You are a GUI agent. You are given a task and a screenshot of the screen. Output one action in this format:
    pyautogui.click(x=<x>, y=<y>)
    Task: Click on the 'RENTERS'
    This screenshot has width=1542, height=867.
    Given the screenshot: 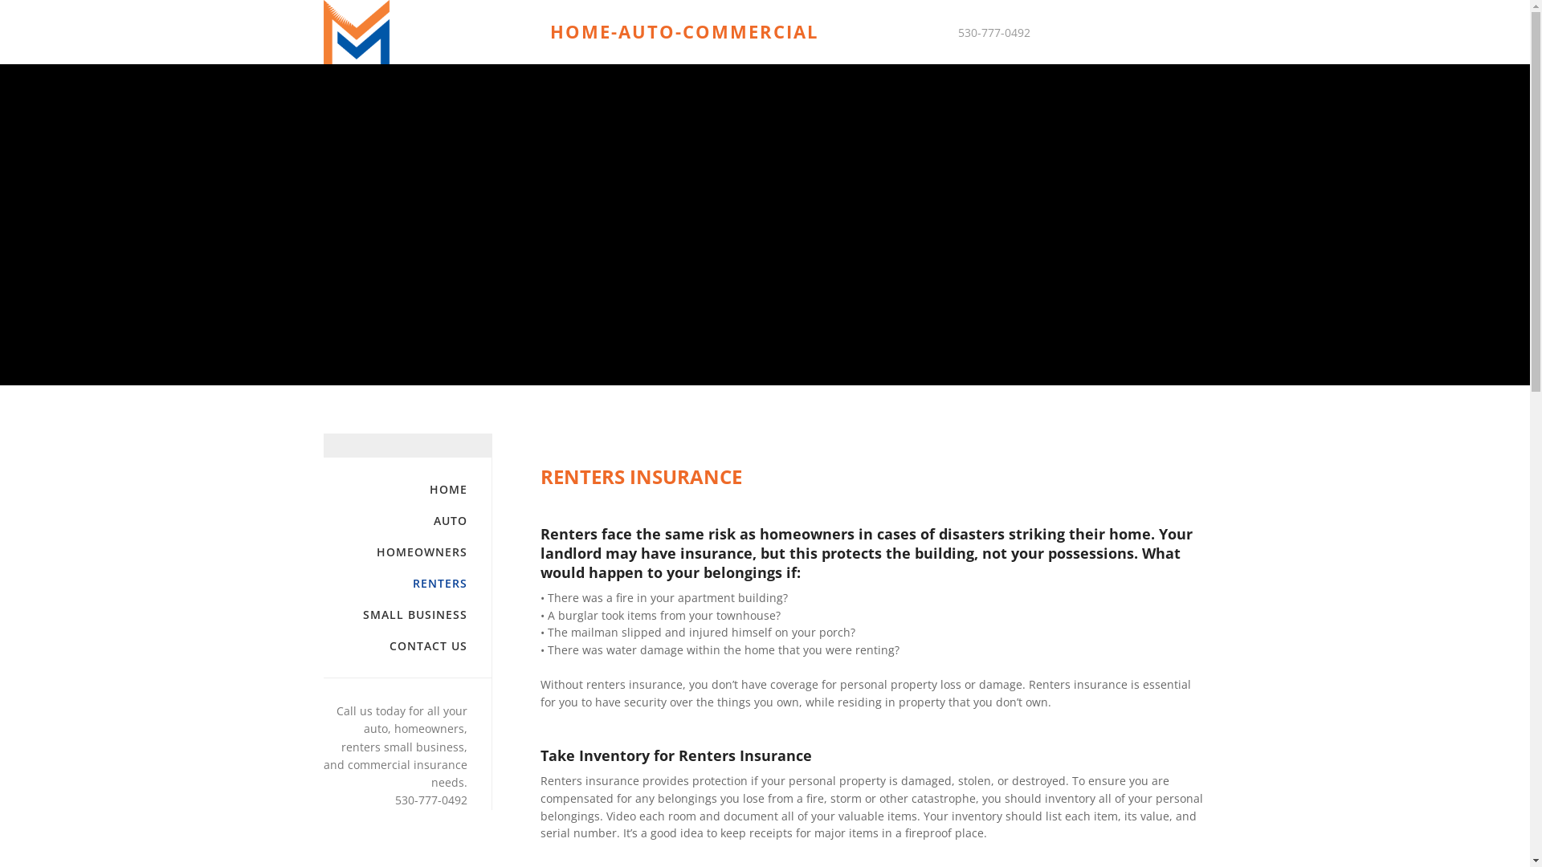 What is the action you would take?
    pyautogui.click(x=322, y=583)
    